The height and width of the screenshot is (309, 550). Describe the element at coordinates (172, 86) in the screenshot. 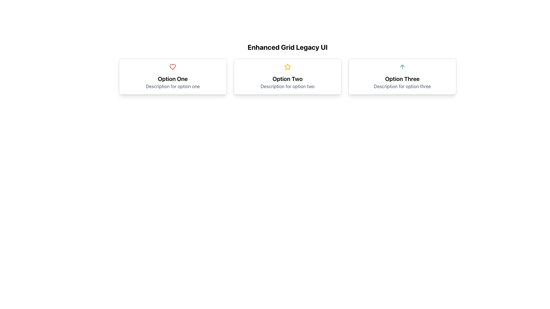

I see `the text label displaying 'Description for option one', which is located beneath the title 'Option One' in the leftmost box` at that location.